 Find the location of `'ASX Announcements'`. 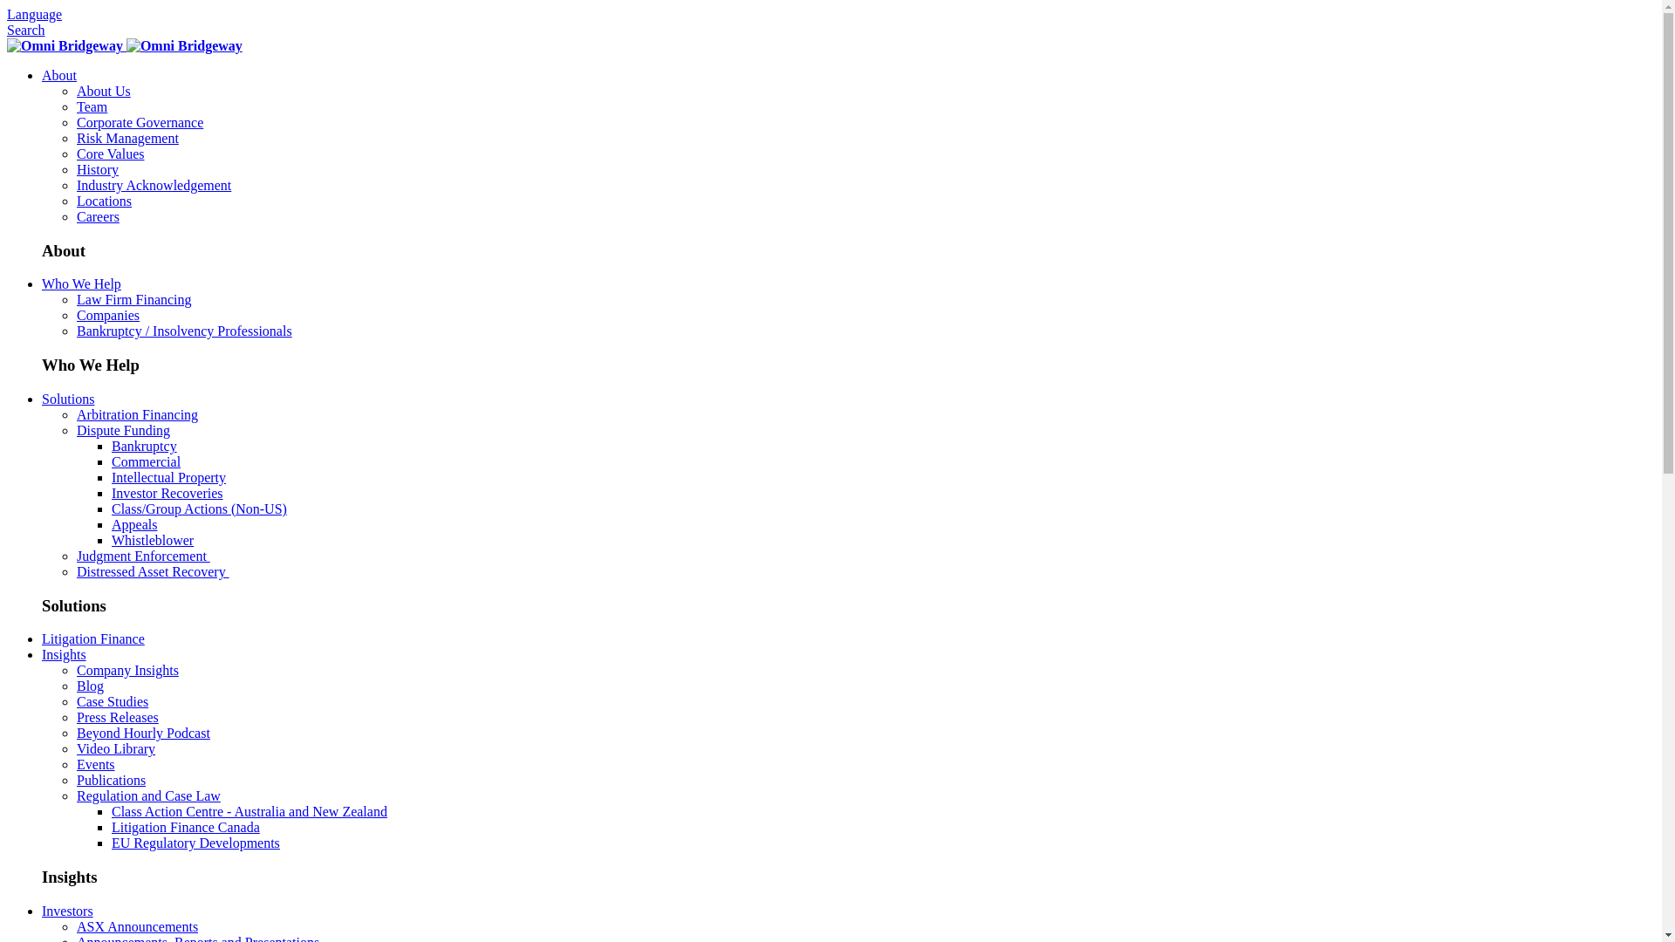

'ASX Announcements' is located at coordinates (136, 925).